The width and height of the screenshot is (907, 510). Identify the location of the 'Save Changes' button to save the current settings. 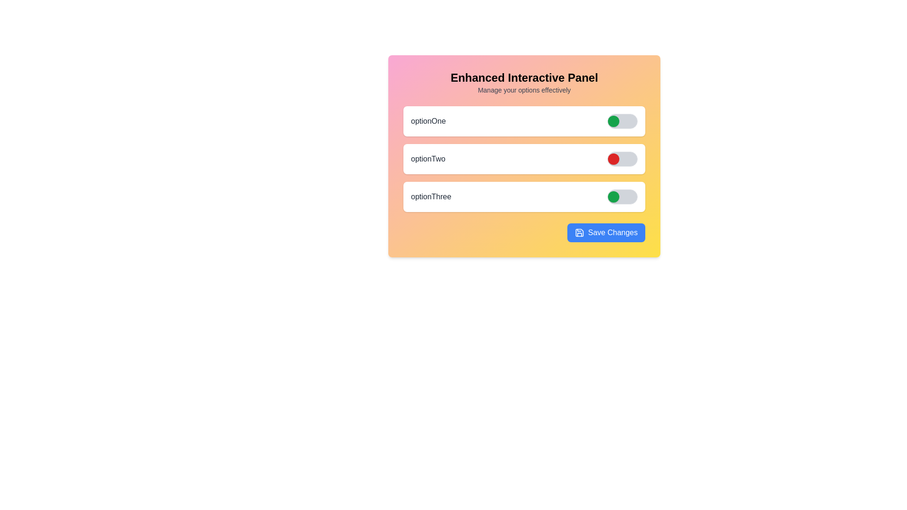
(606, 233).